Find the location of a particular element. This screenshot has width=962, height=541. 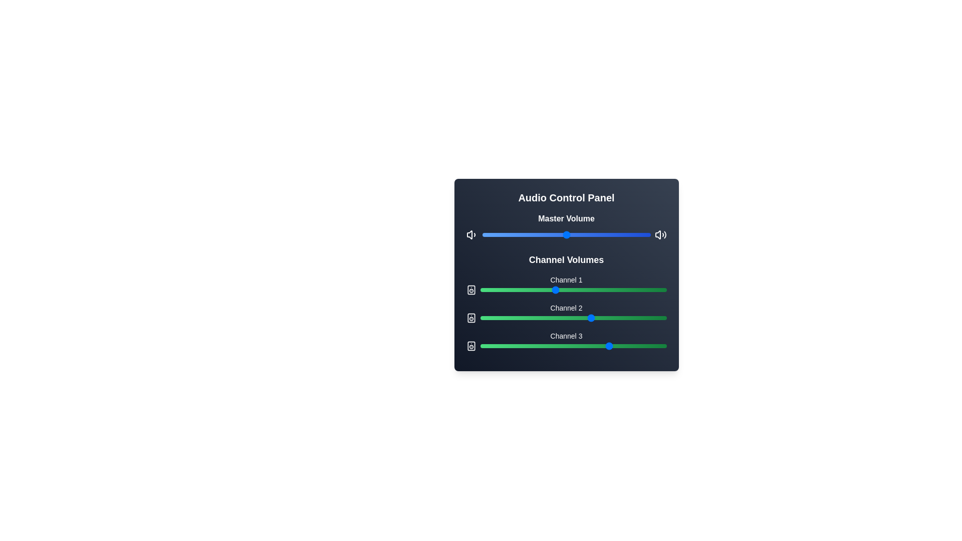

the 'Channel 1' volume is located at coordinates (562, 290).